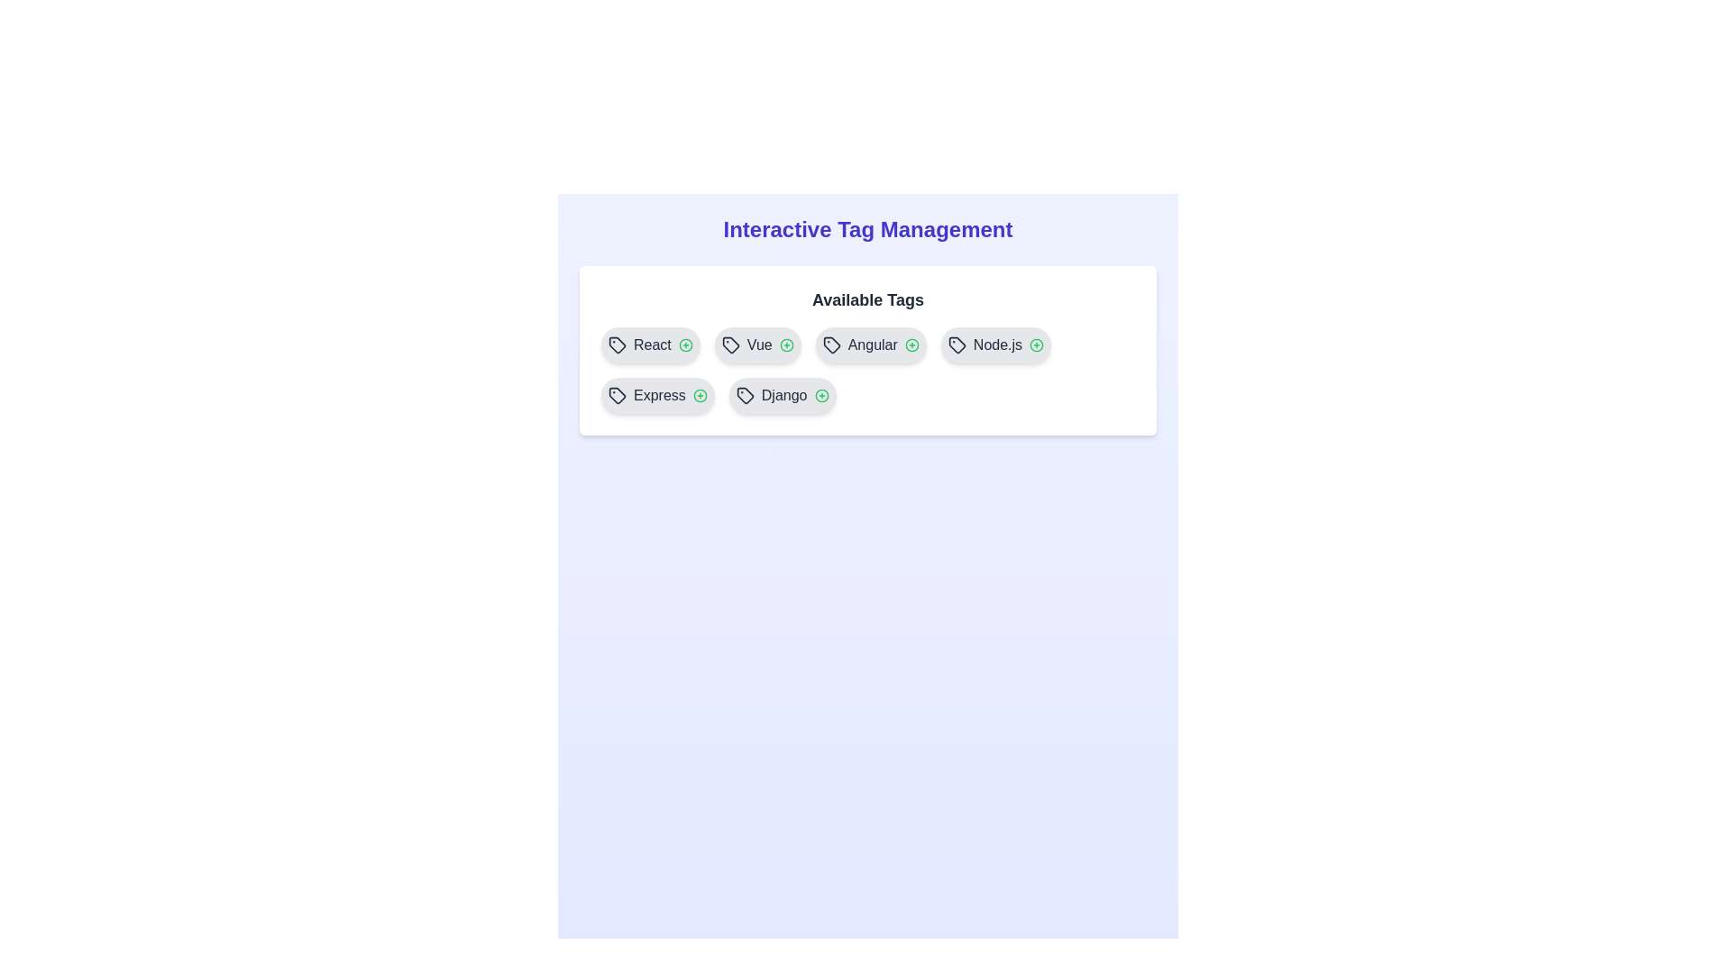 The image size is (1731, 974). I want to click on the green circular SVG Circle Component that forms the border of a plus symbol, located immediately to the right of the 'Vue' tag in the 'Available Tags' section, so click(786, 345).